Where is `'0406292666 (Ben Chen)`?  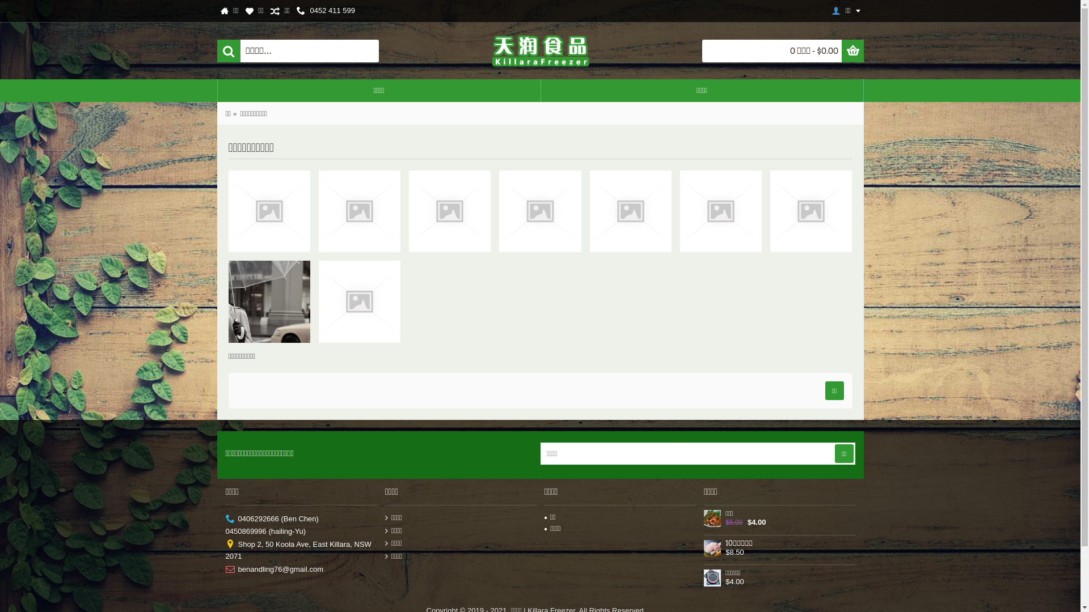
'0406292666 (Ben Chen) is located at coordinates (301, 524).